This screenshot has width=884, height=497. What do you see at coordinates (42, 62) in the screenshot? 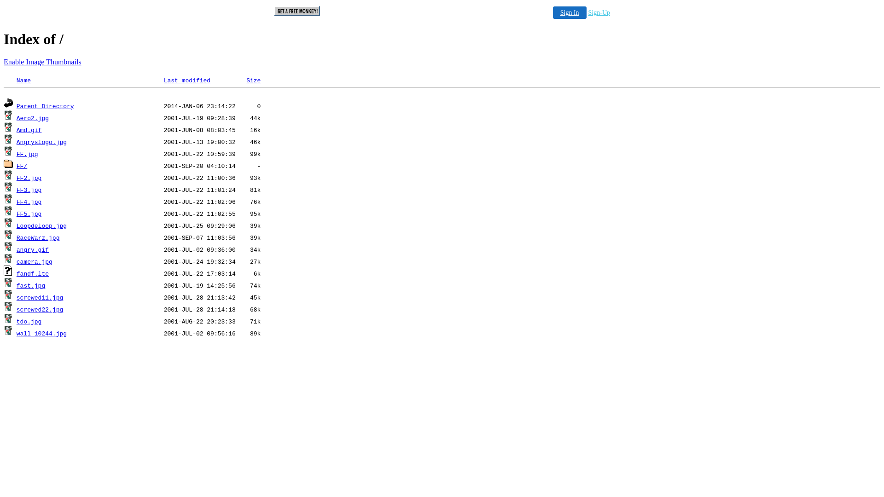
I see `'Enable Image Thumbnails'` at bounding box center [42, 62].